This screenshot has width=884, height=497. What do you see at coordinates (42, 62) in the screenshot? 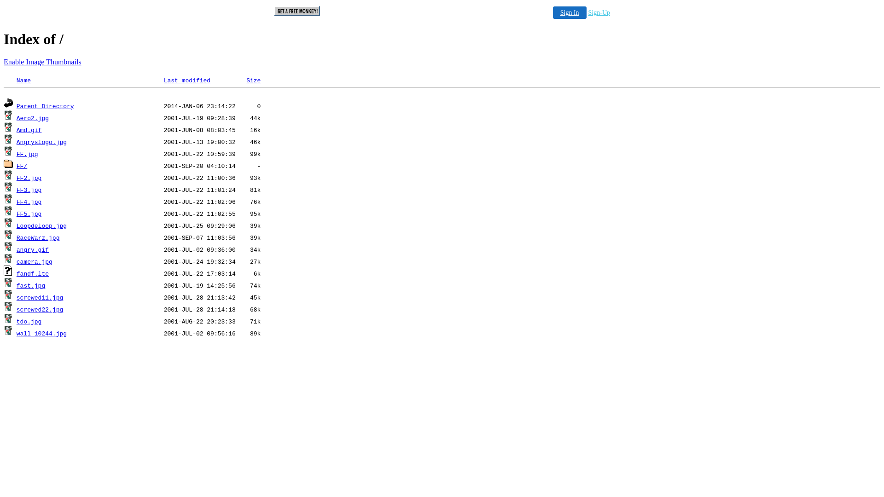
I see `'Enable Image Thumbnails'` at bounding box center [42, 62].